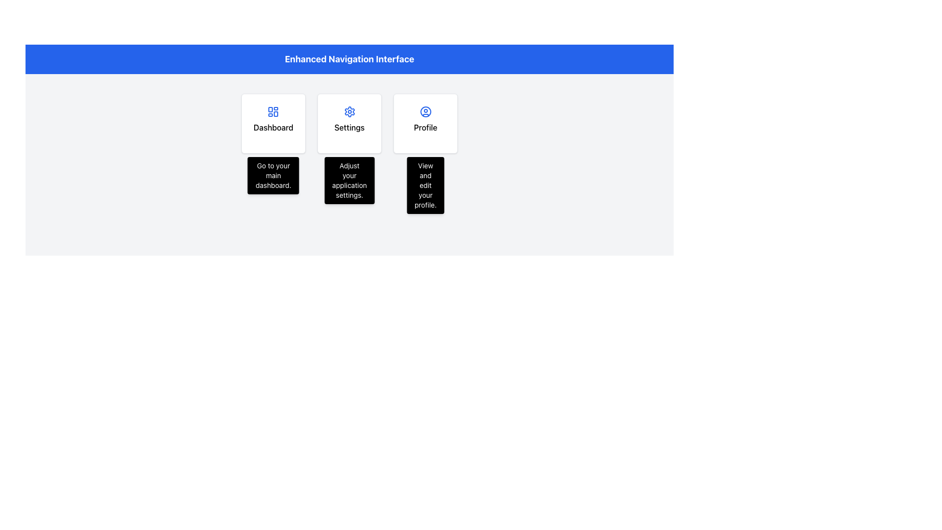 This screenshot has height=530, width=942. What do you see at coordinates (273, 175) in the screenshot?
I see `tooltip content that provides additional descriptive information about the 'Dashboard' feature, positioned directly centered below the 'Dashboard' panel` at bounding box center [273, 175].